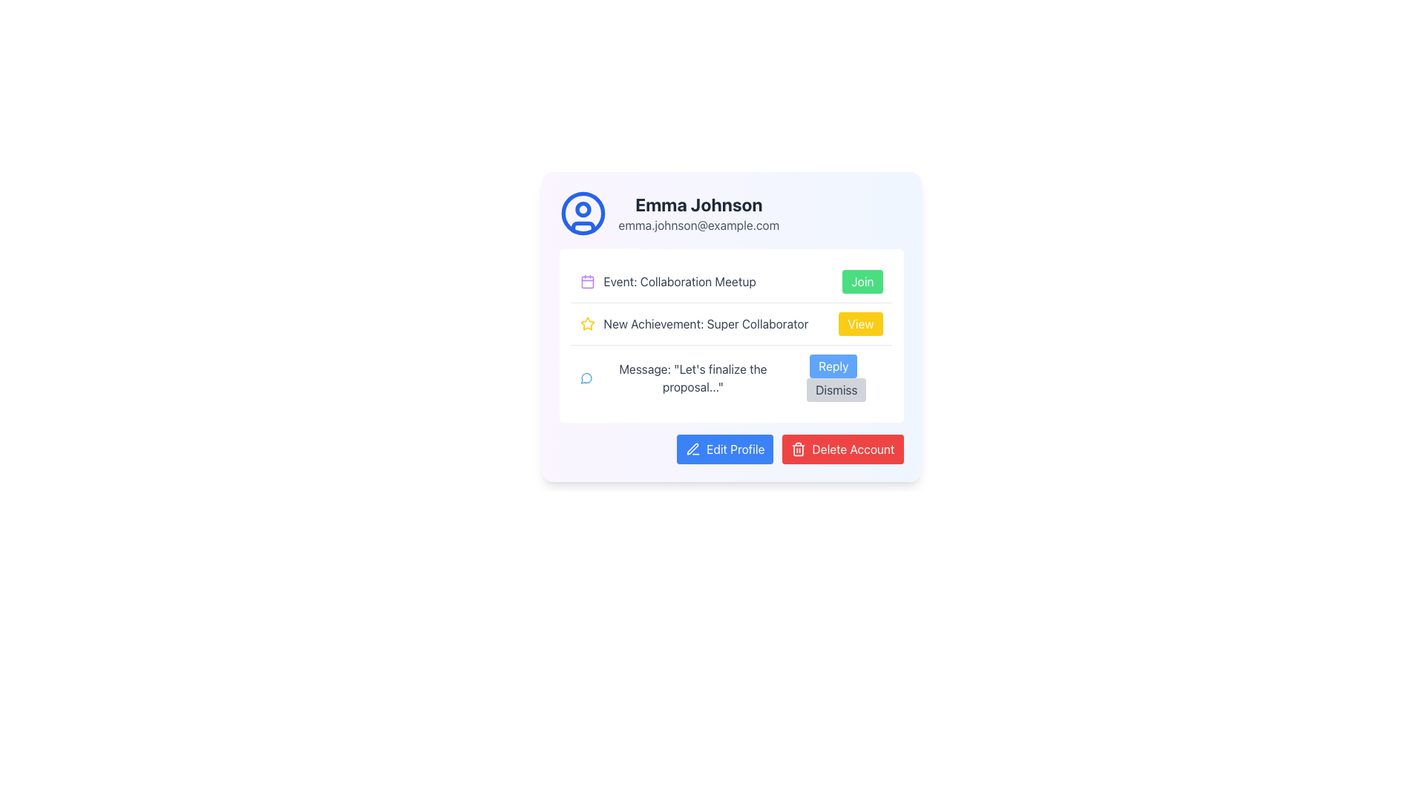 This screenshot has height=801, width=1425. What do you see at coordinates (862, 282) in the screenshot?
I see `the 'Join' button, which is a rectangular button with rounded corners, solid green background, and white text, located to the right of 'Event: Collaboration Meetup'` at bounding box center [862, 282].